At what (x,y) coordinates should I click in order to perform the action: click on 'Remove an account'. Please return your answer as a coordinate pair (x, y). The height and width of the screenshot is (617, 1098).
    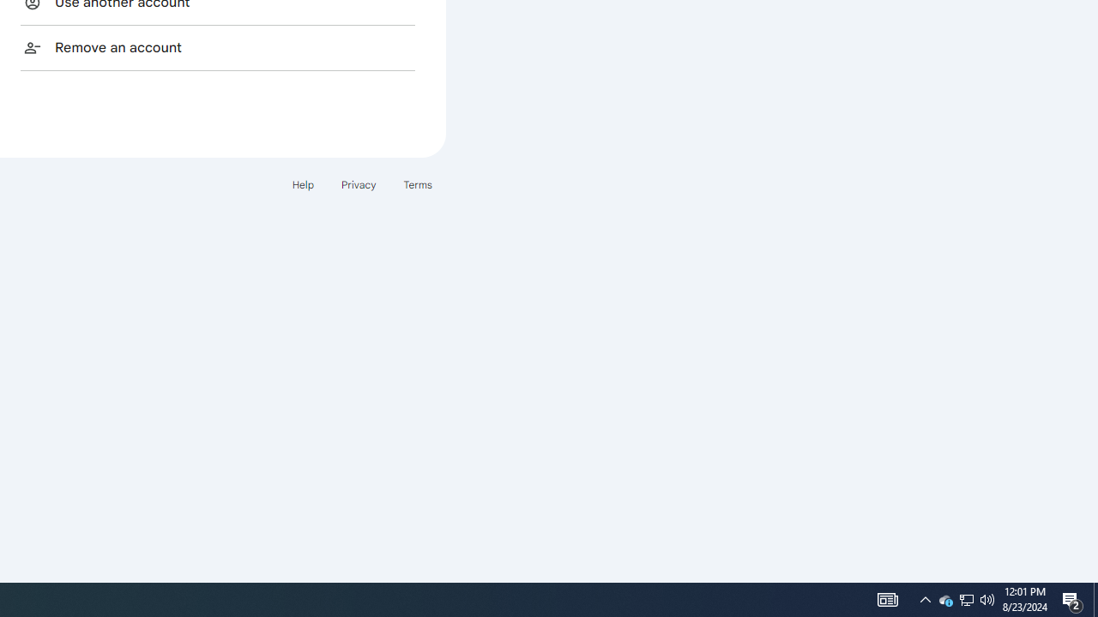
    Looking at the image, I should click on (217, 46).